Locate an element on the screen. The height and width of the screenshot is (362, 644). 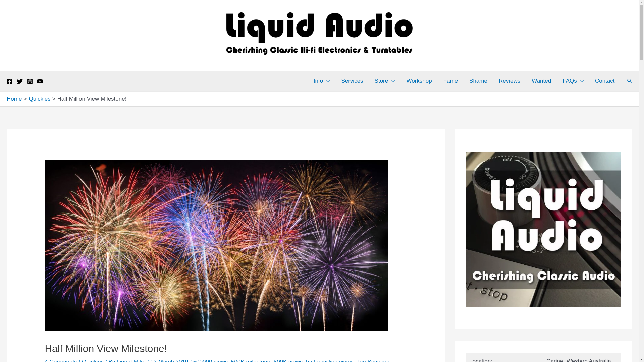
'Fame' is located at coordinates (450, 81).